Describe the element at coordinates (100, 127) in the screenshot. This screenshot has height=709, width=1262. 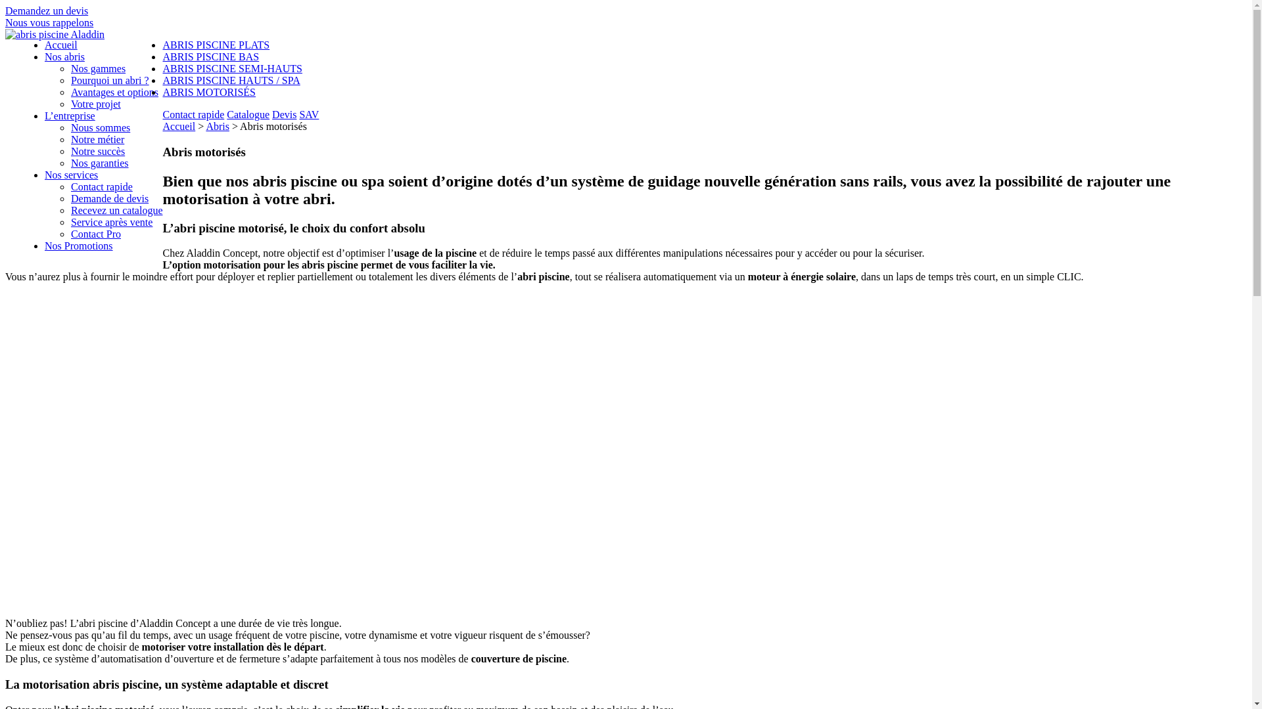
I see `'Nous sommes'` at that location.